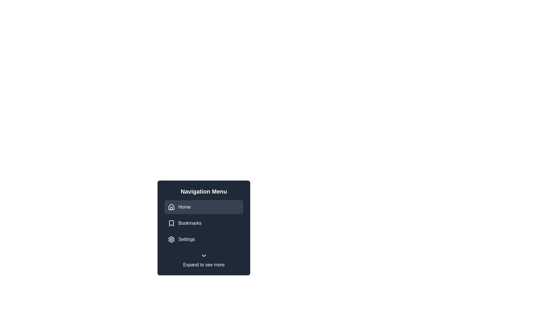 Image resolution: width=556 pixels, height=312 pixels. What do you see at coordinates (204, 192) in the screenshot?
I see `the text label that serves as the header for the navigation menu, which is located at the very top of the 'Navigation Menu' block in the sidebar on the left` at bounding box center [204, 192].